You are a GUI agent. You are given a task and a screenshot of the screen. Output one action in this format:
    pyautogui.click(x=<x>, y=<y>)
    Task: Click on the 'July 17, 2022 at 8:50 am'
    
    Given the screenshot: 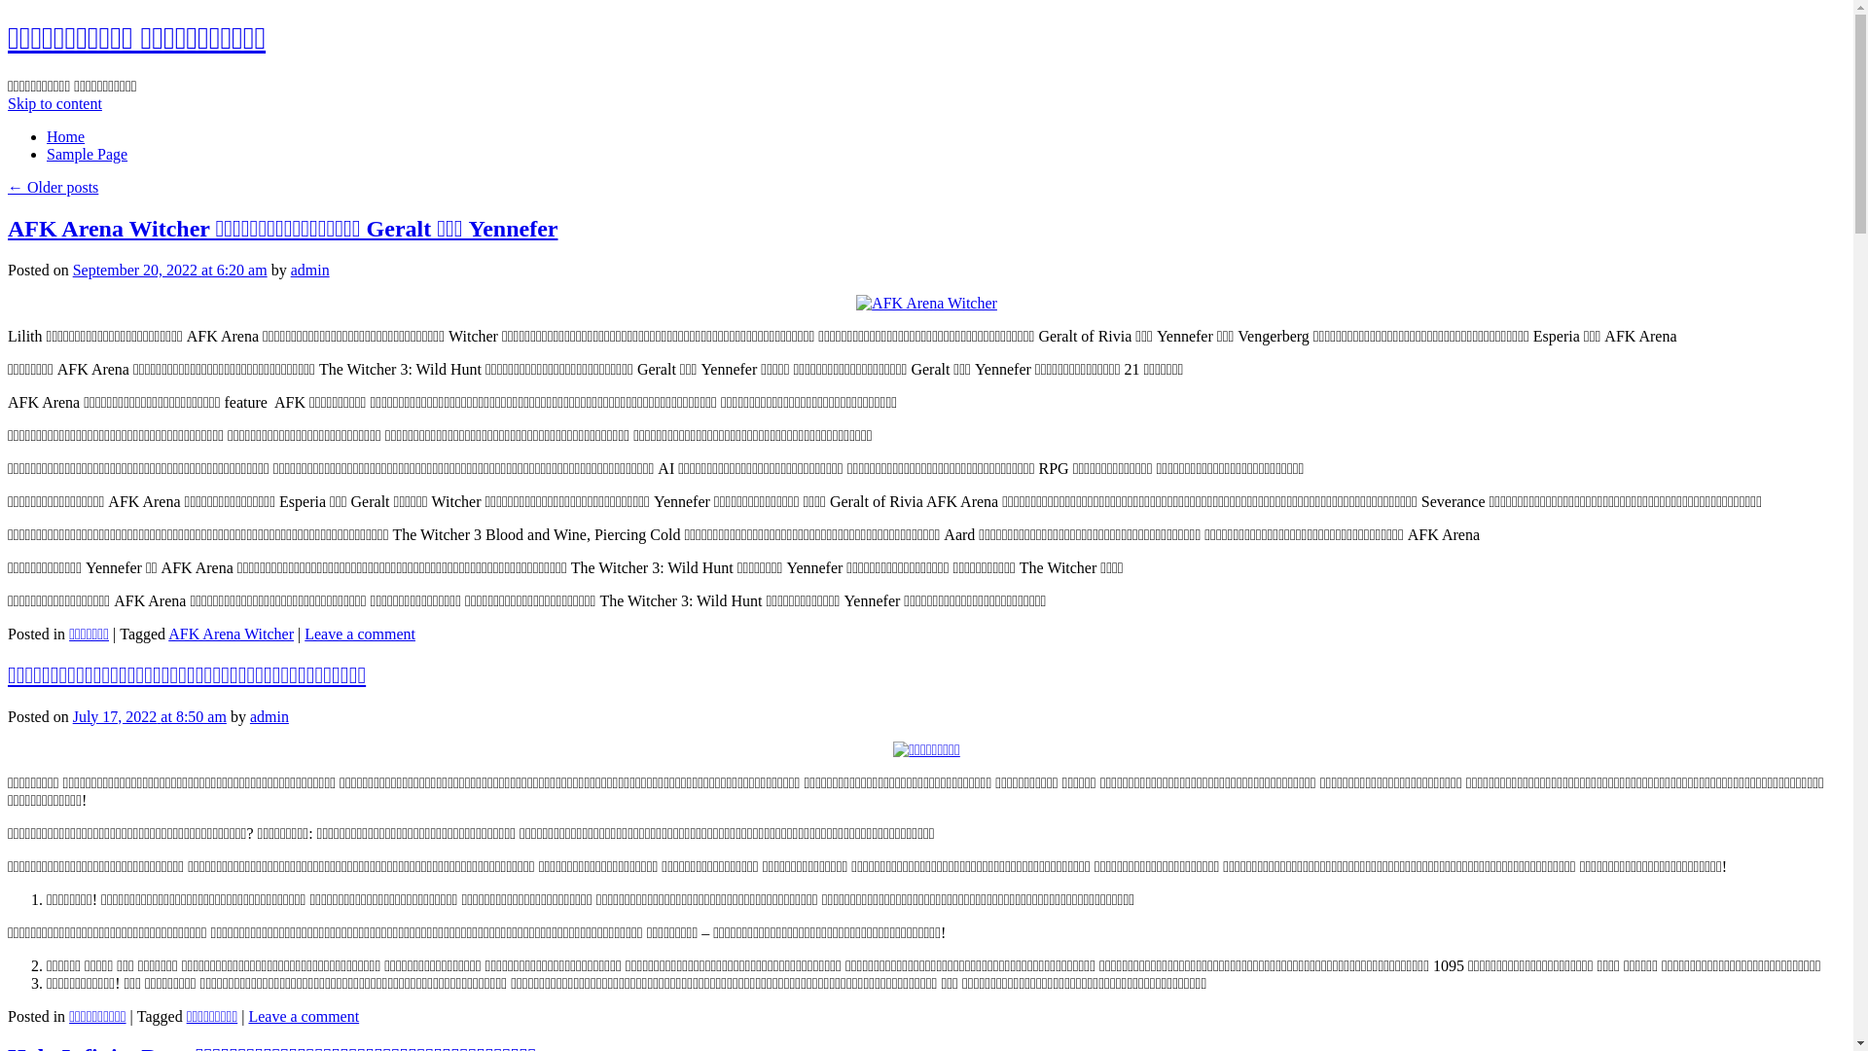 What is the action you would take?
    pyautogui.click(x=148, y=716)
    